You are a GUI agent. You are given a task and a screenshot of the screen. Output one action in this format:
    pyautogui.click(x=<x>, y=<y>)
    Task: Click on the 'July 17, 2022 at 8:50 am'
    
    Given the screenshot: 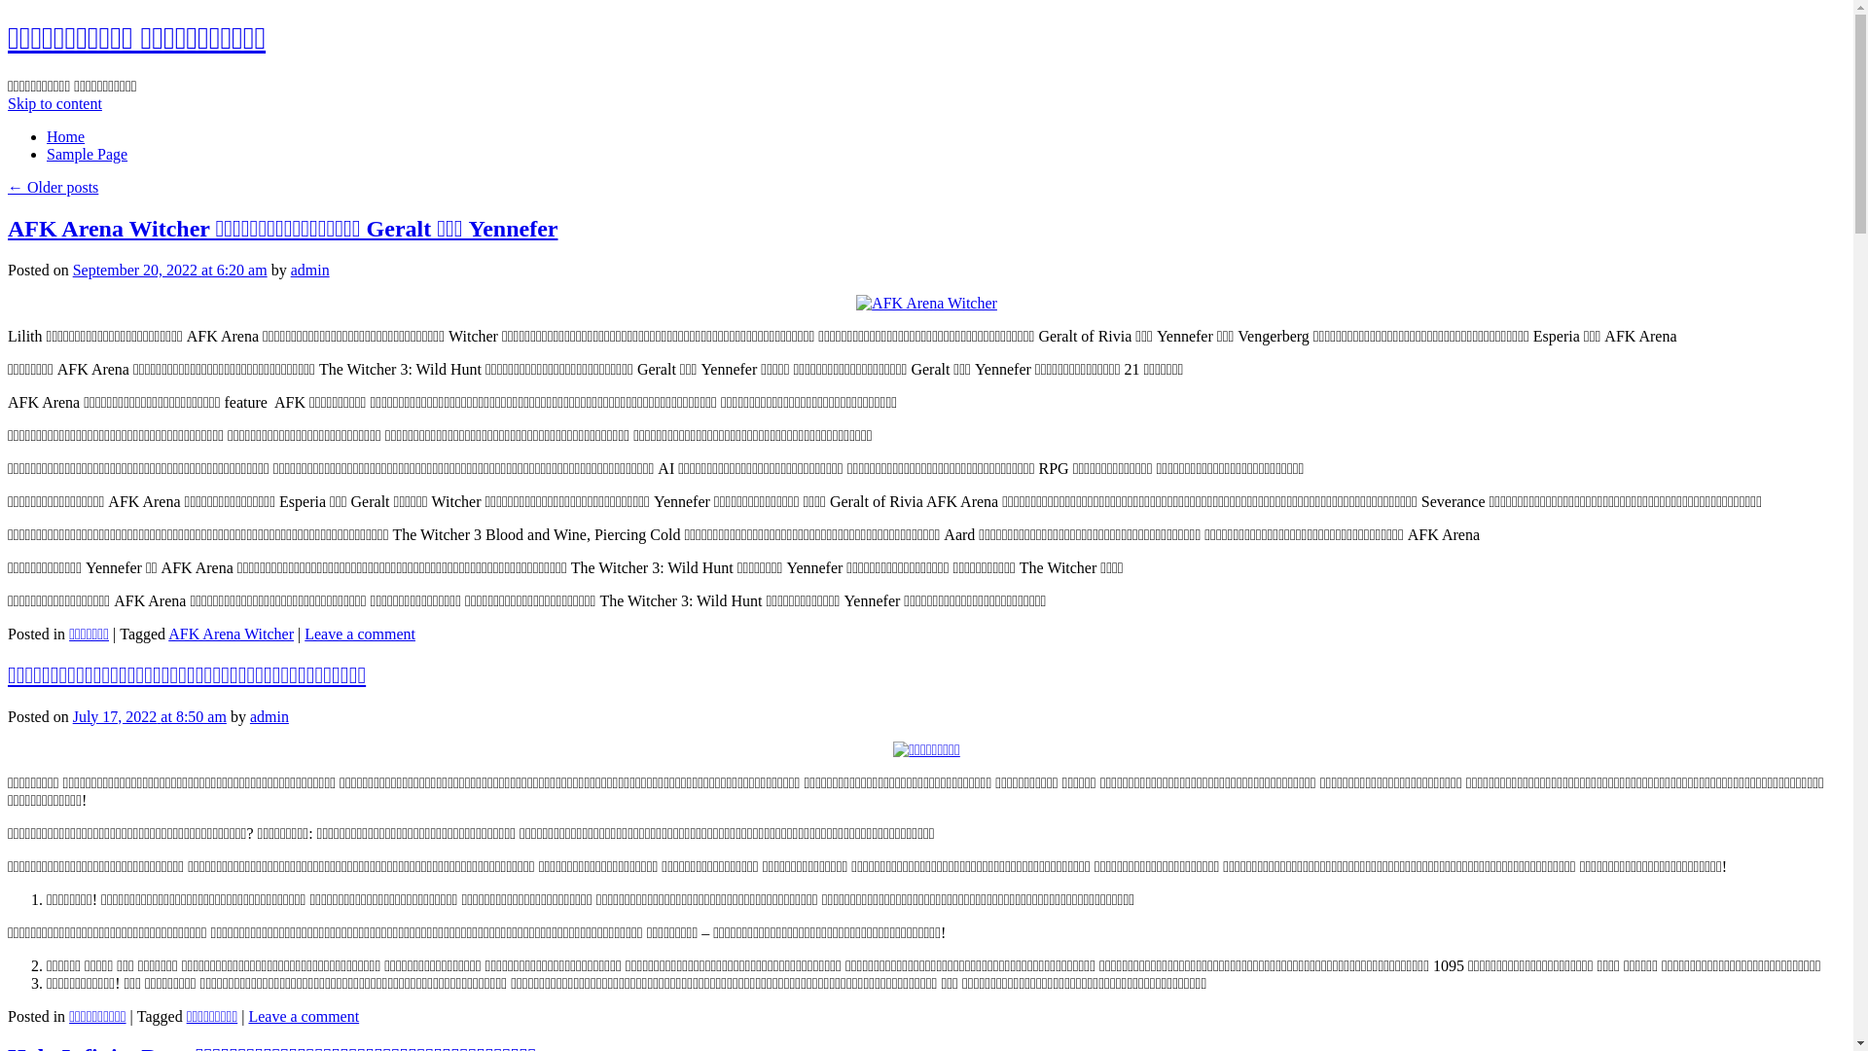 What is the action you would take?
    pyautogui.click(x=148, y=716)
    